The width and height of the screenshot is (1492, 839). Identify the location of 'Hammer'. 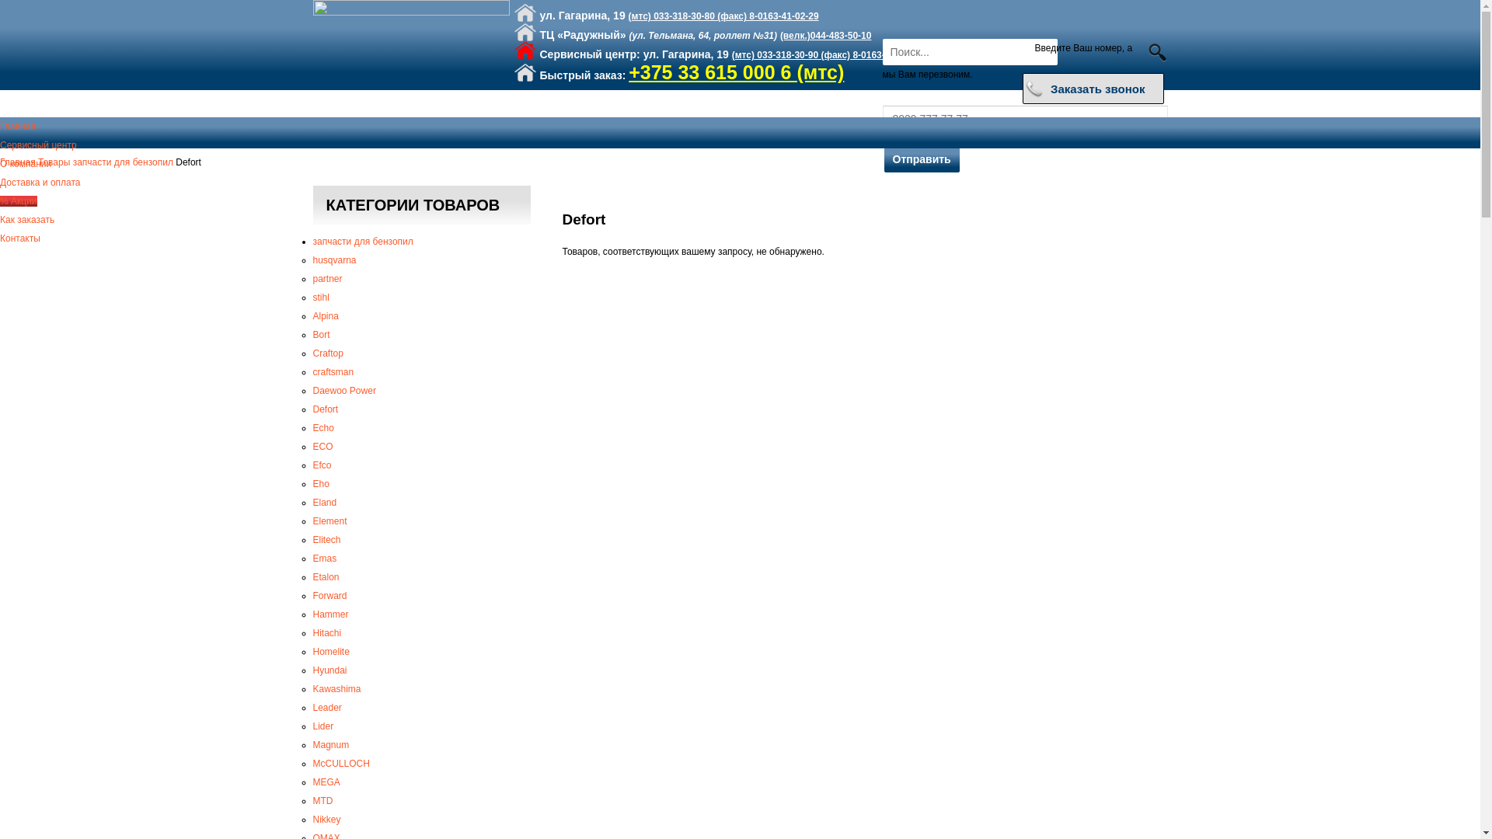
(329, 613).